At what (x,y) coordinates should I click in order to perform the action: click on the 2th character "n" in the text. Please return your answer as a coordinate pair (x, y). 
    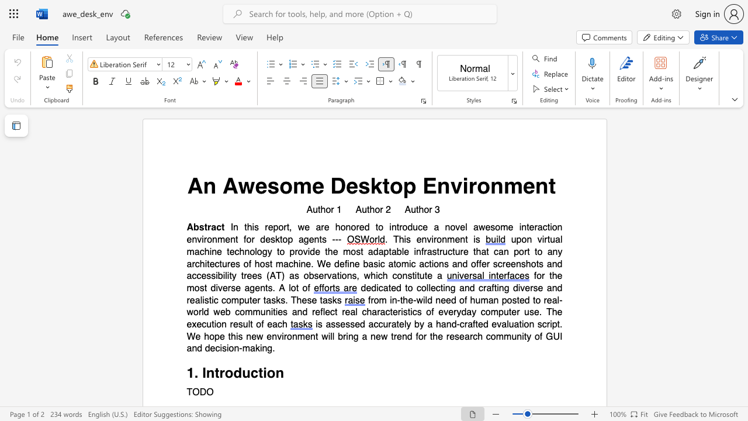
    Looking at the image, I should click on (372, 336).